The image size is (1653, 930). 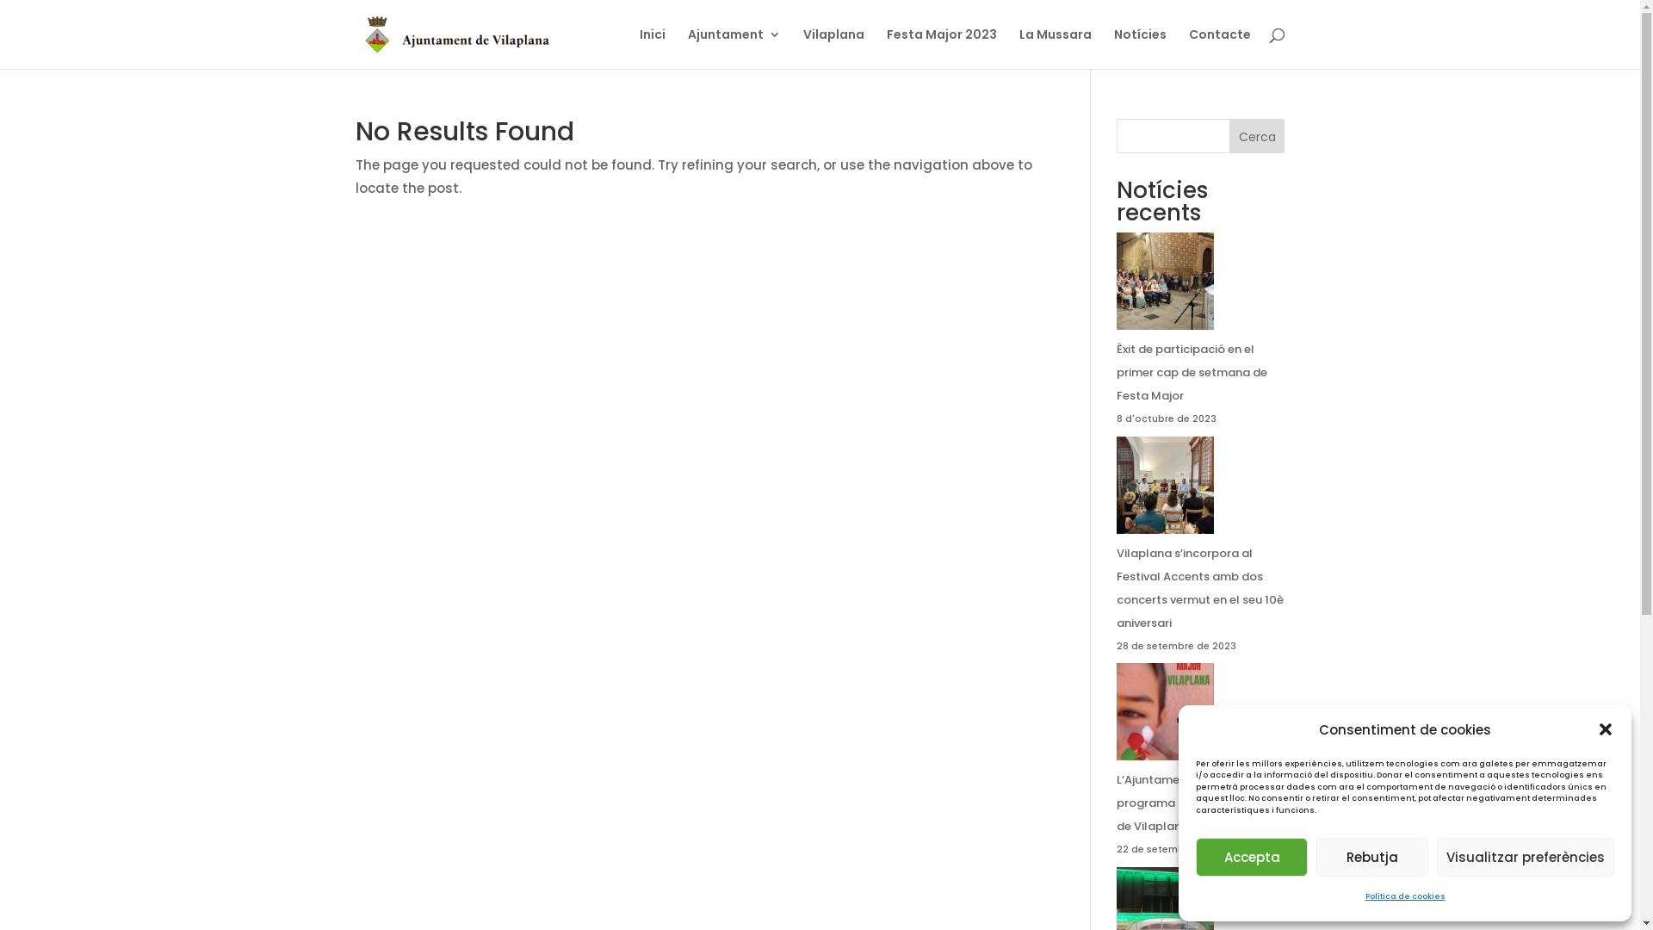 I want to click on 'Ajuntament', so click(x=733, y=47).